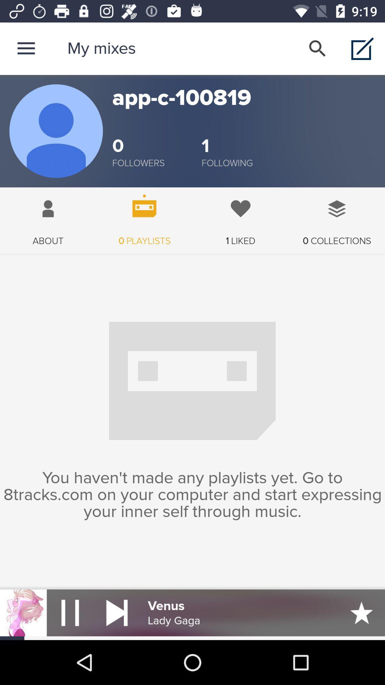 This screenshot has height=685, width=385. Describe the element at coordinates (48, 217) in the screenshot. I see `icon next to the 0 playlists app` at that location.